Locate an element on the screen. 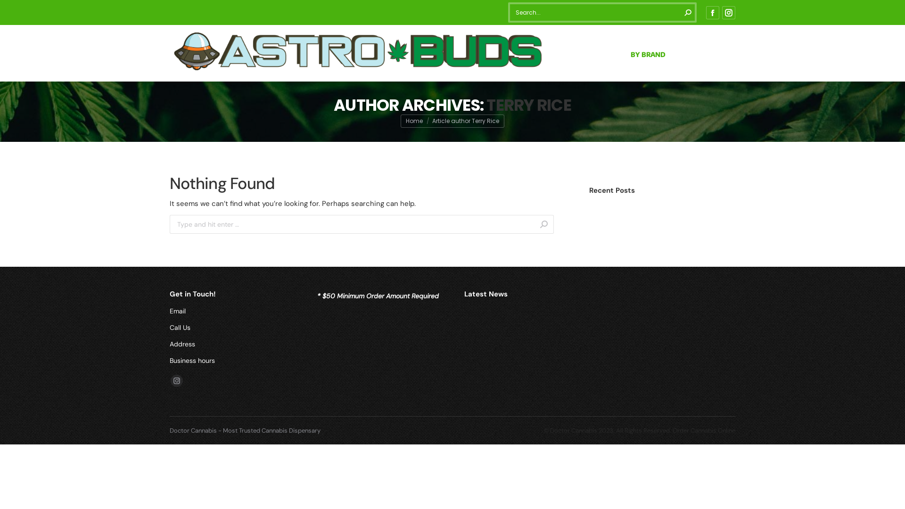 This screenshot has width=905, height=509. 'Home' is located at coordinates (414, 120).